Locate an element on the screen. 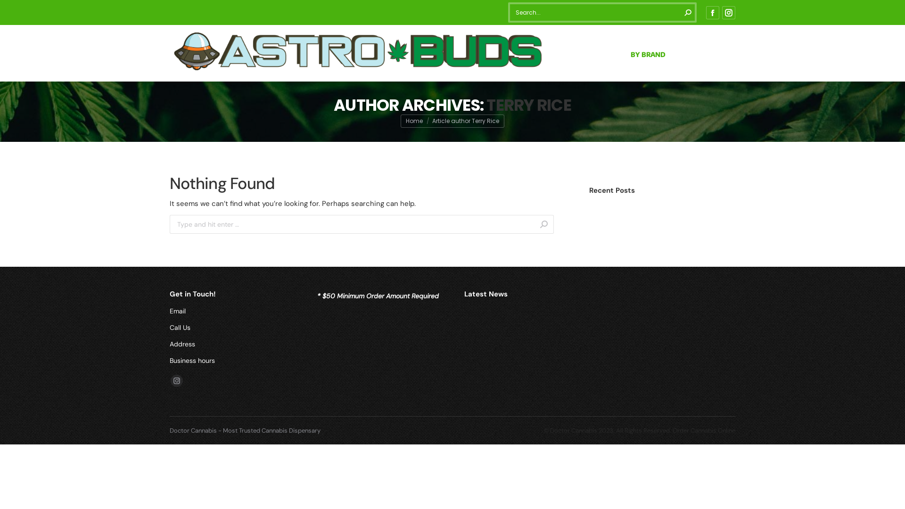 This screenshot has width=905, height=509. 'Home' is located at coordinates (414, 120).